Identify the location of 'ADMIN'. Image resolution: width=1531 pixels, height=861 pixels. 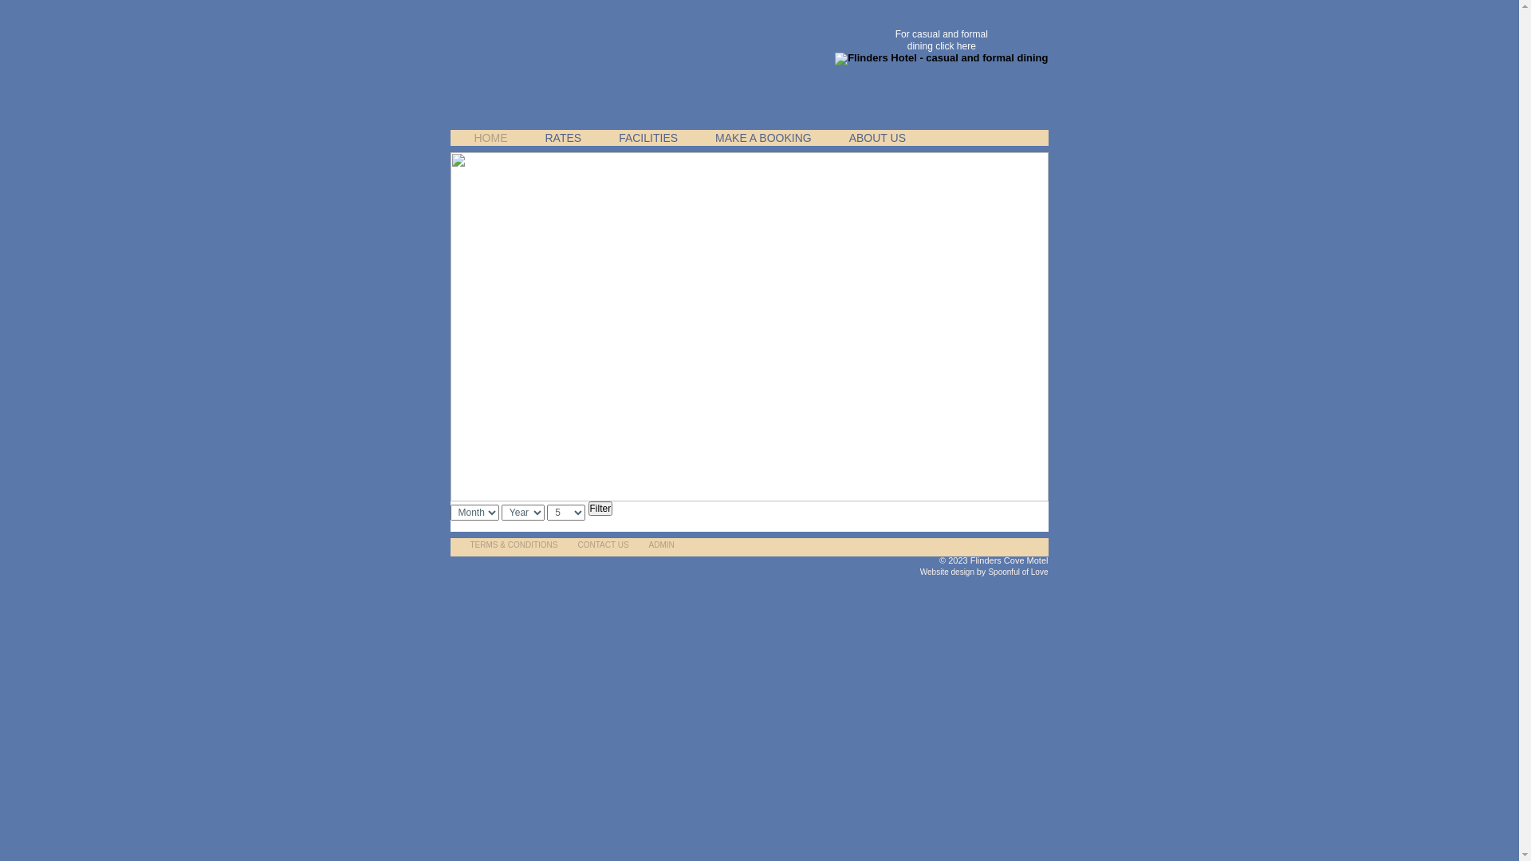
(641, 544).